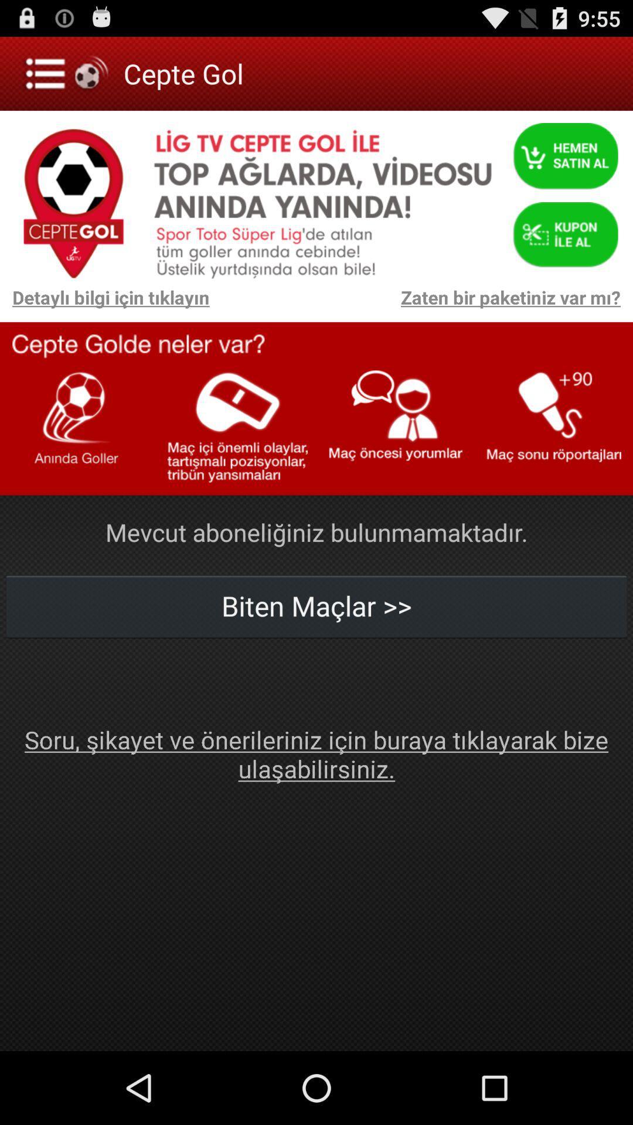 This screenshot has width=633, height=1125. Describe the element at coordinates (74, 197) in the screenshot. I see `a icon ceptegol which is below menu option on the left side of the page` at that location.